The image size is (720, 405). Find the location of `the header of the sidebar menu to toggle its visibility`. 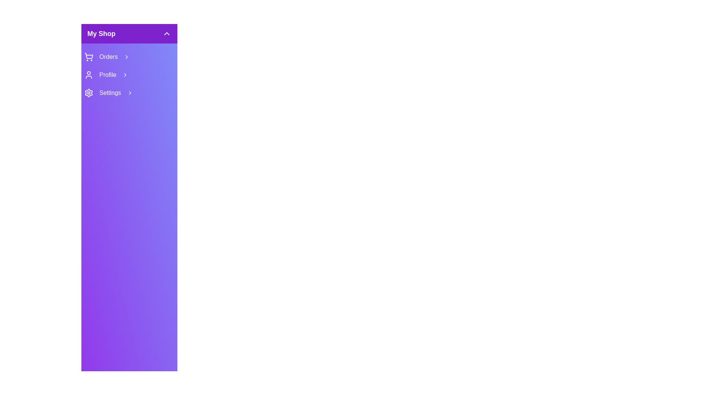

the header of the sidebar menu to toggle its visibility is located at coordinates (129, 33).